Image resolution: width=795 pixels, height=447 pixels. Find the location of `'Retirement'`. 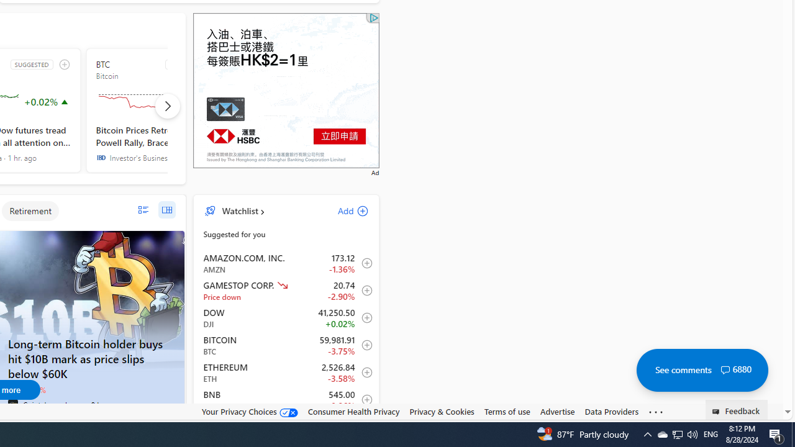

'Retirement' is located at coordinates (30, 210).